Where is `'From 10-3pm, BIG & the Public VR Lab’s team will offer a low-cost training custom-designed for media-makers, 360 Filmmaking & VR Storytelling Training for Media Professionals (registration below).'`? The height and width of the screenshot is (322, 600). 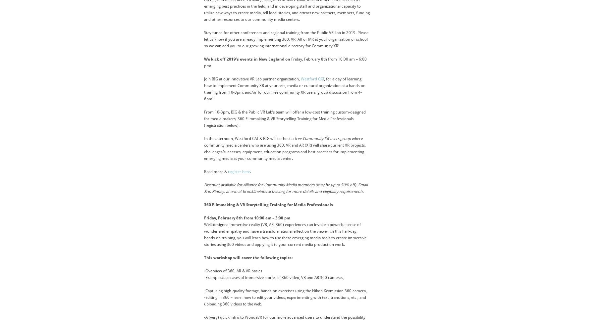
'From 10-3pm, BIG & the Public VR Lab’s team will offer a low-cost training custom-designed for media-makers, 360 Filmmaking & VR Storytelling Training for Media Professionals (registration below).' is located at coordinates (284, 118).